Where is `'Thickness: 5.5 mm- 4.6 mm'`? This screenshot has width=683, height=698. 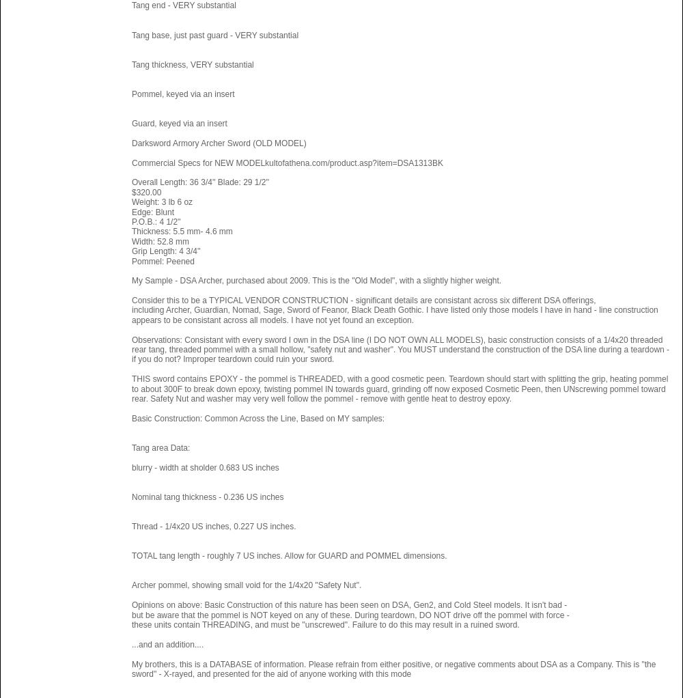
'Thickness: 5.5 mm- 4.6 mm' is located at coordinates (182, 231).